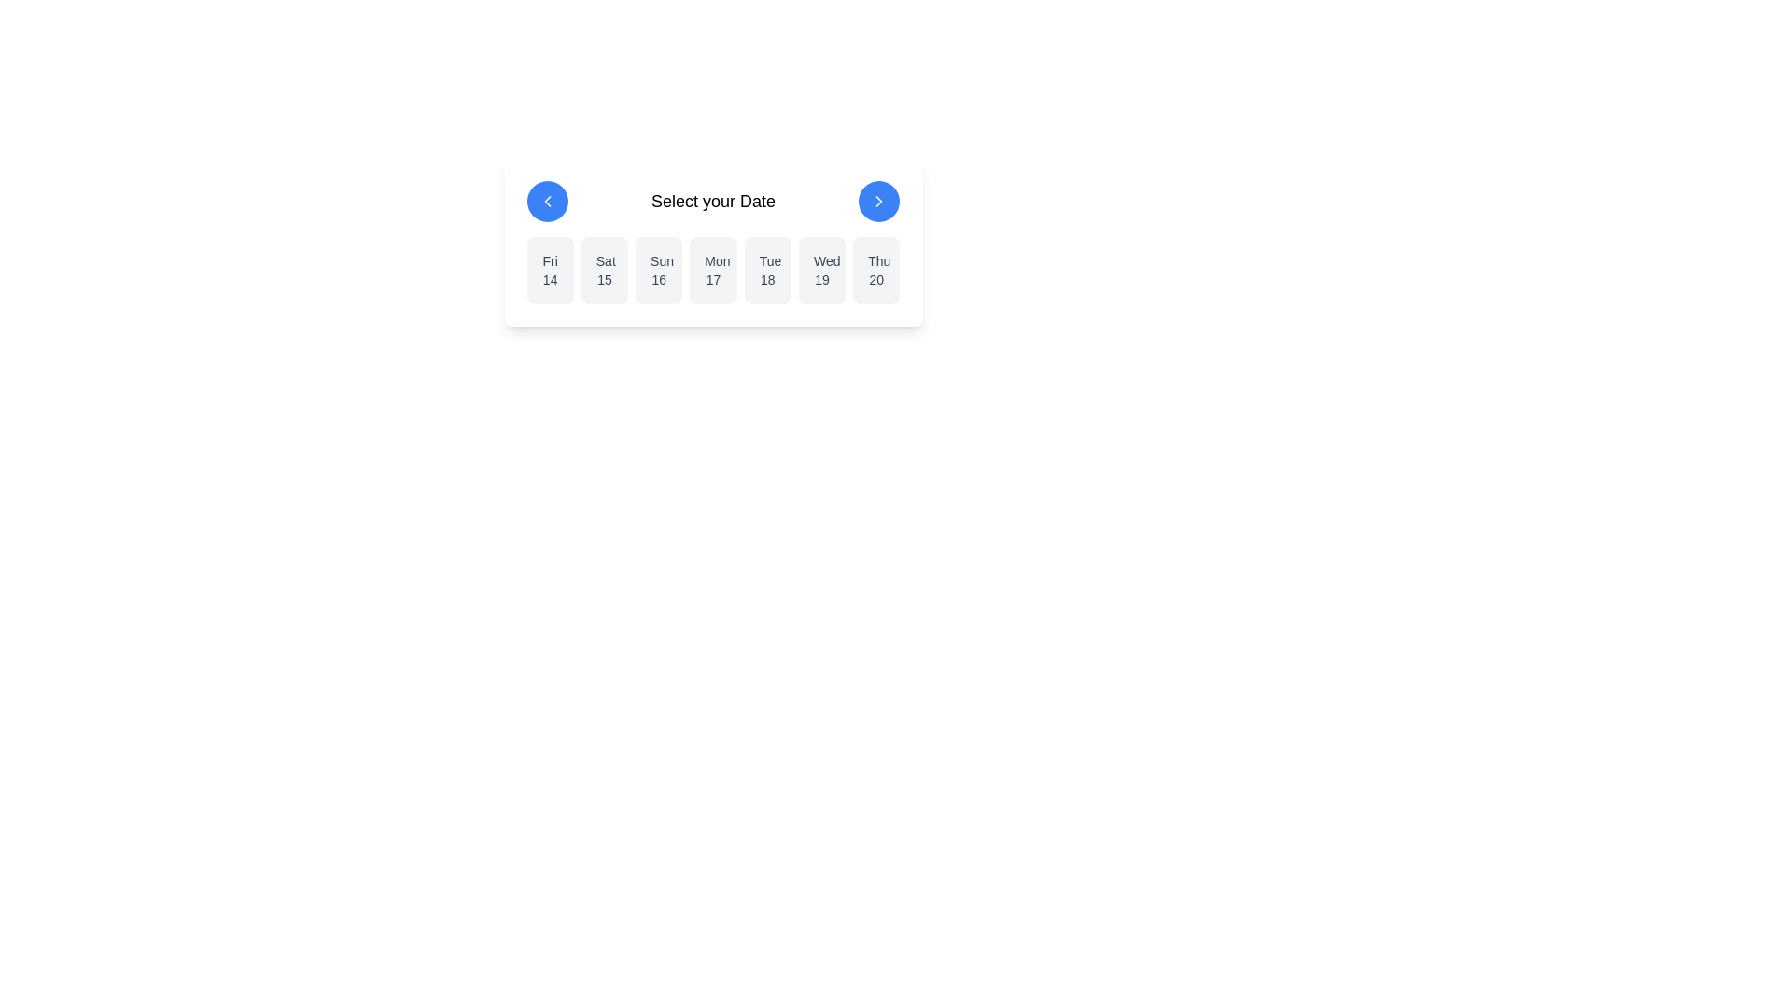  I want to click on the date selector button for 'Monday, 17th', which is located to the right of 'Sun 16' and to the left of 'Tue 18' in the horizontal grid layout of date selectors, so click(712, 270).